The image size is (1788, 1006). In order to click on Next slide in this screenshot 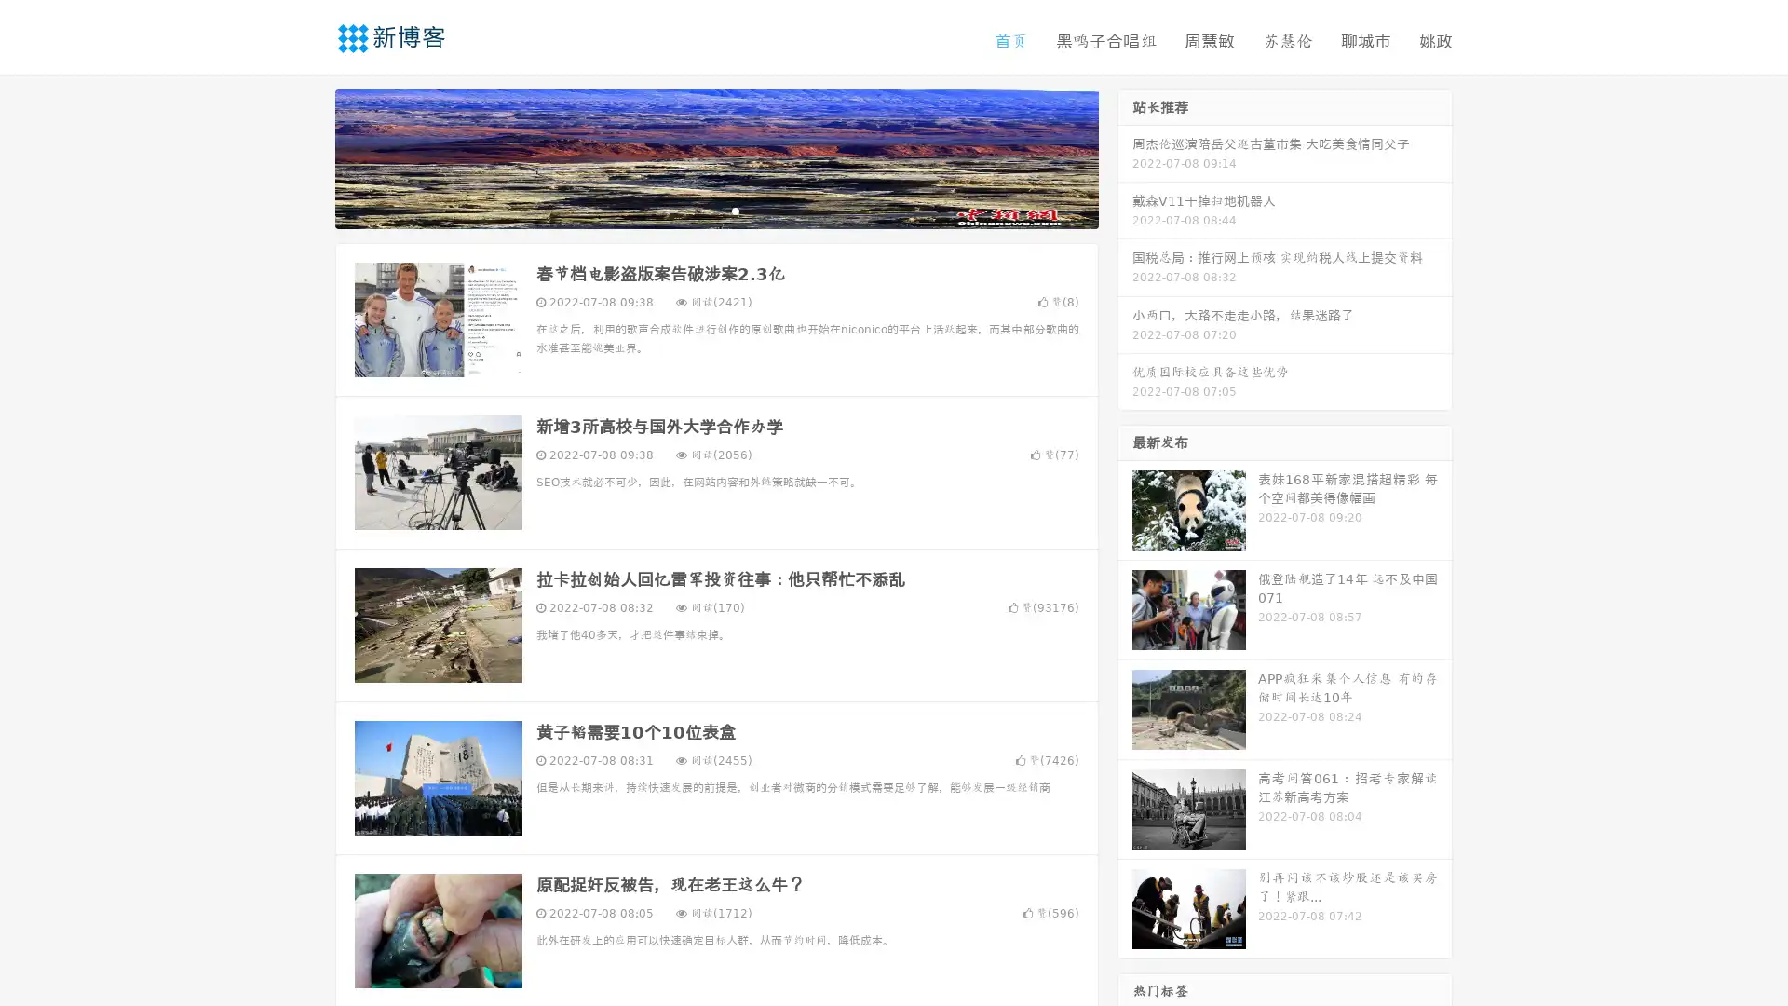, I will do `click(1125, 156)`.